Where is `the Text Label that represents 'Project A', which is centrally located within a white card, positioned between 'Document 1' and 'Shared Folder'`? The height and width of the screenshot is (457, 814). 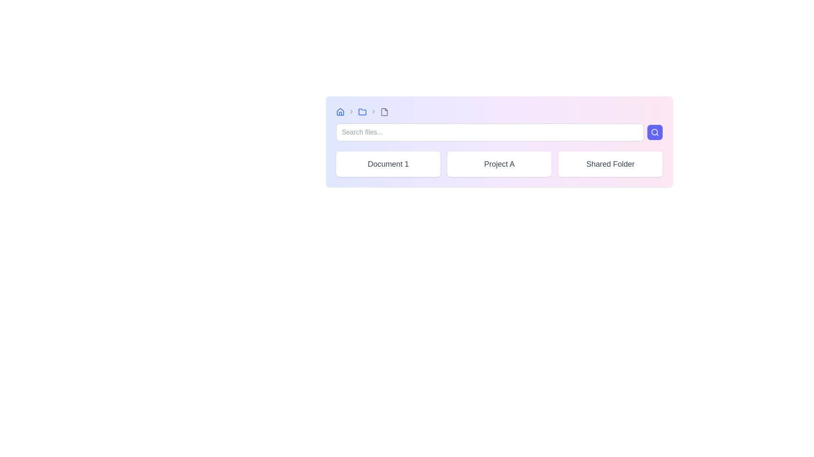
the Text Label that represents 'Project A', which is centrally located within a white card, positioned between 'Document 1' and 'Shared Folder' is located at coordinates (499, 164).